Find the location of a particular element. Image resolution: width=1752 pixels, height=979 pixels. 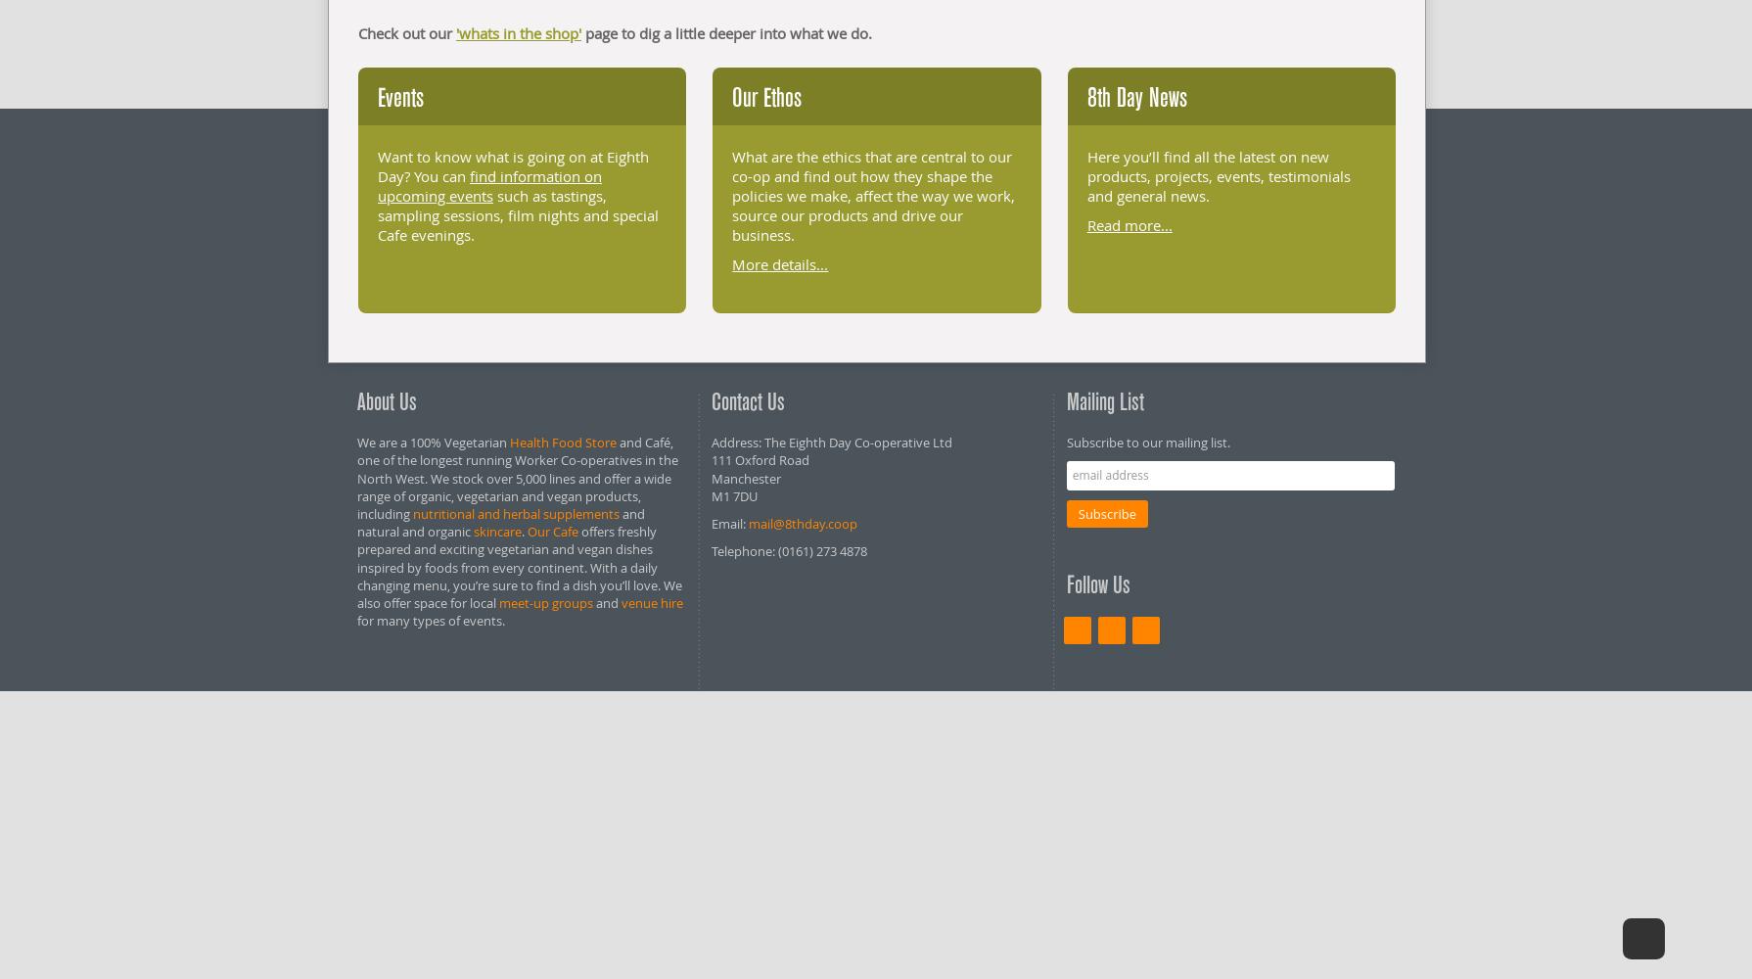

'page to dig a little deeper into what we do.' is located at coordinates (725, 33).